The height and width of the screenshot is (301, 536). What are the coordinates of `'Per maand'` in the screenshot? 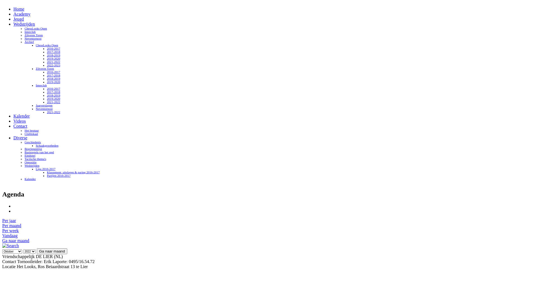 It's located at (2, 225).